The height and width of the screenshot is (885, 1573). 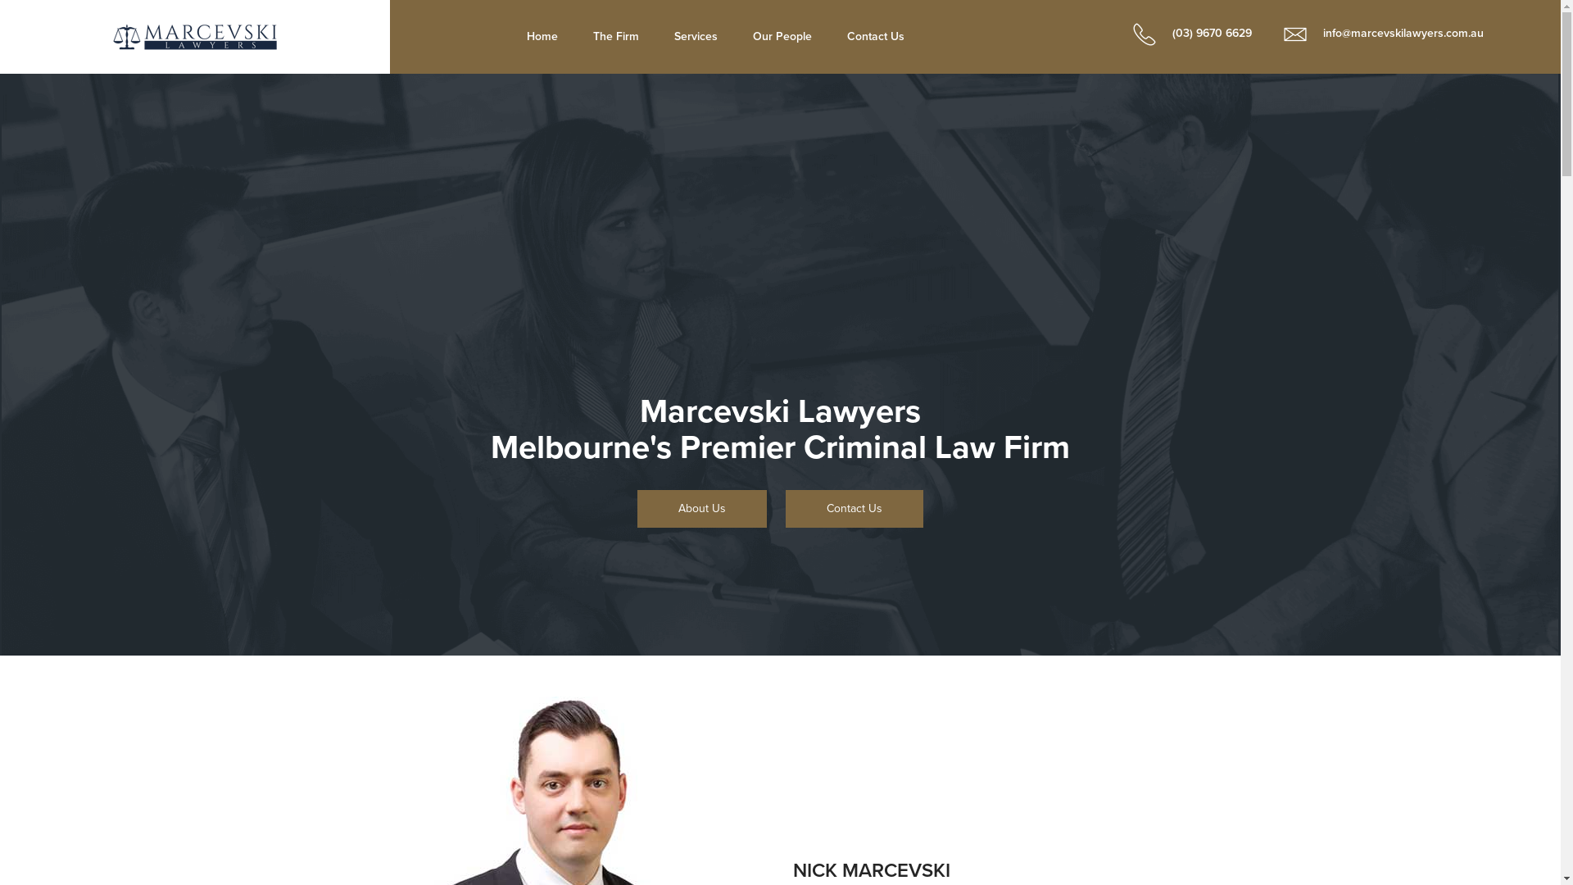 What do you see at coordinates (1184, 33) in the screenshot?
I see `'(03) 9670 6629'` at bounding box center [1184, 33].